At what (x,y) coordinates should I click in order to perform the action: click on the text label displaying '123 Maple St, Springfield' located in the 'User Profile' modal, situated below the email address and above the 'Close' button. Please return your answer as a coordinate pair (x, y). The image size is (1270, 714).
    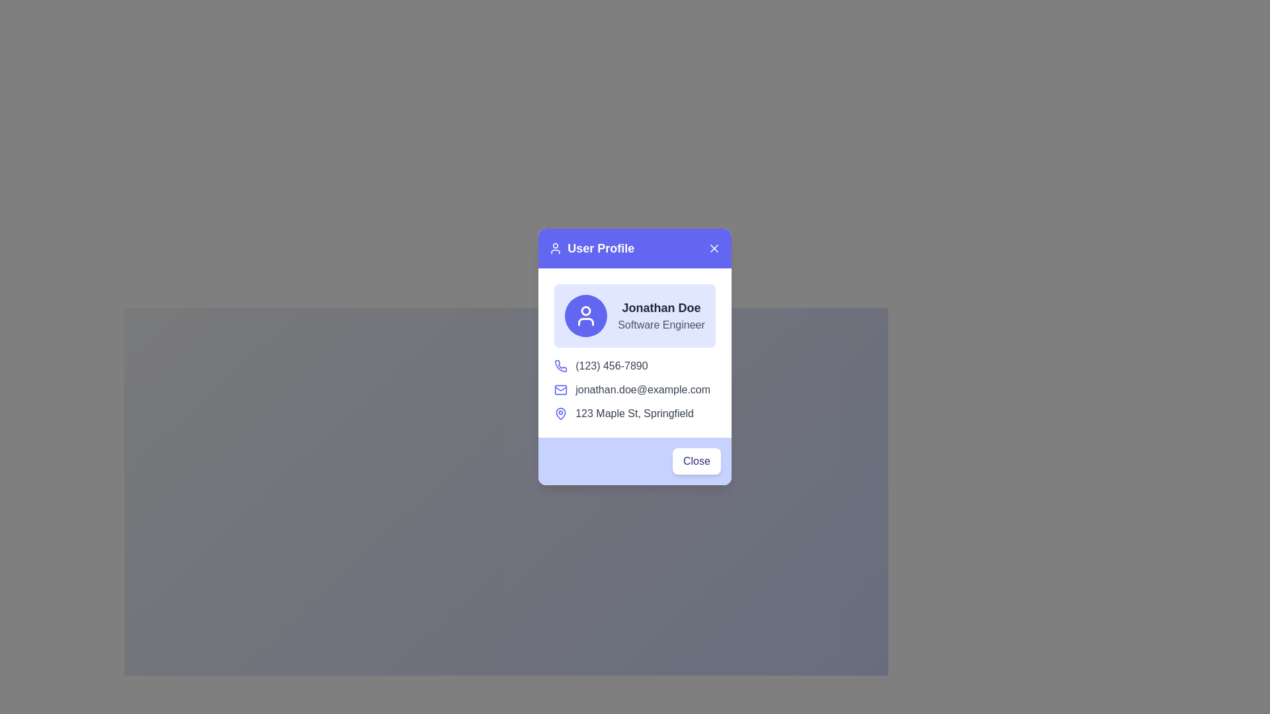
    Looking at the image, I should click on (634, 413).